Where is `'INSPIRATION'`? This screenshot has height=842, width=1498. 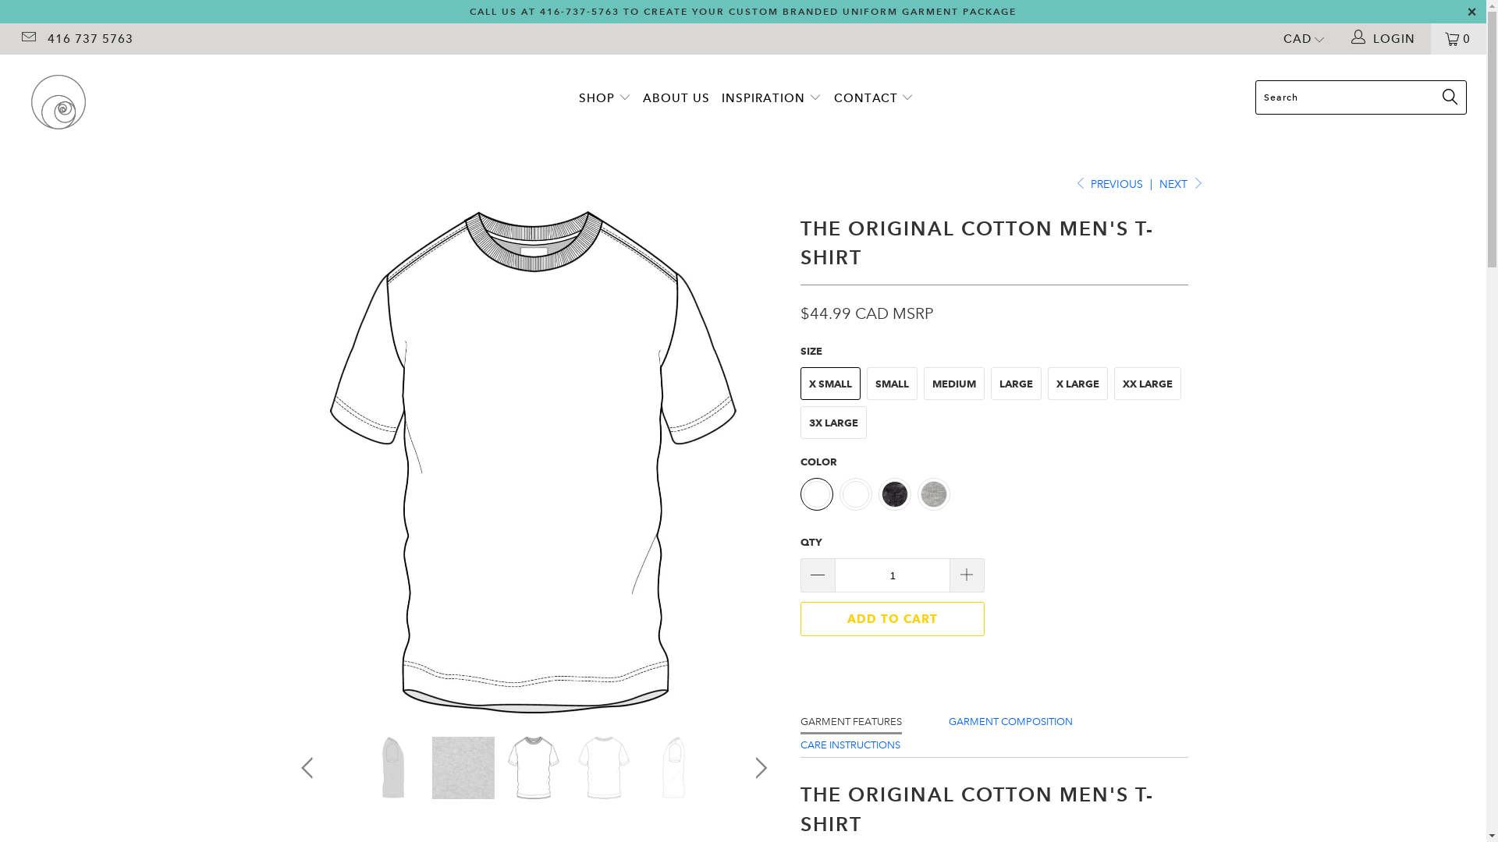 'INSPIRATION' is located at coordinates (771, 99).